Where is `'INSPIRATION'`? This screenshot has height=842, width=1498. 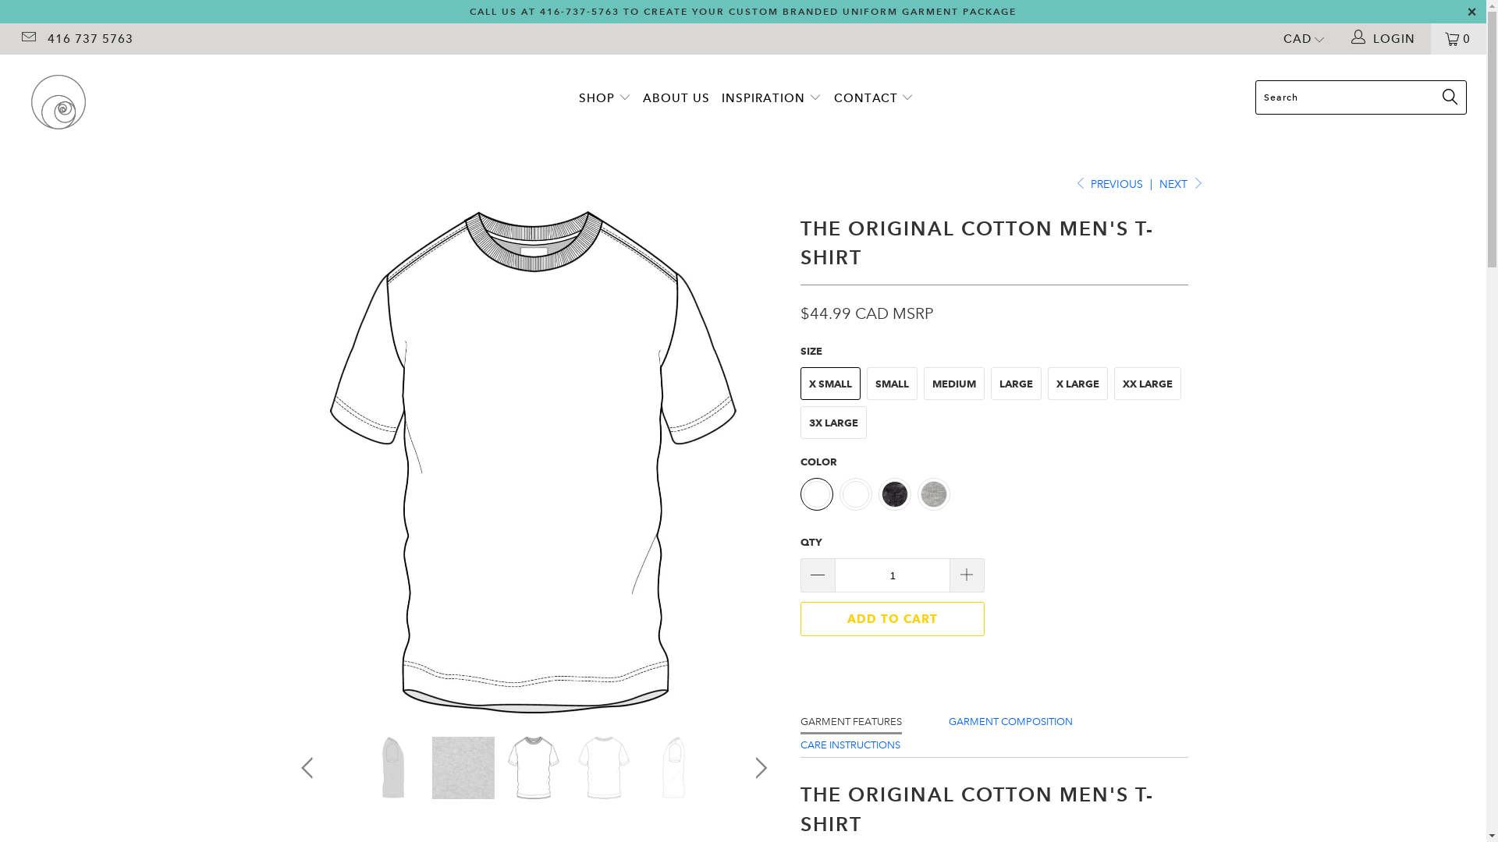 'INSPIRATION' is located at coordinates (771, 99).